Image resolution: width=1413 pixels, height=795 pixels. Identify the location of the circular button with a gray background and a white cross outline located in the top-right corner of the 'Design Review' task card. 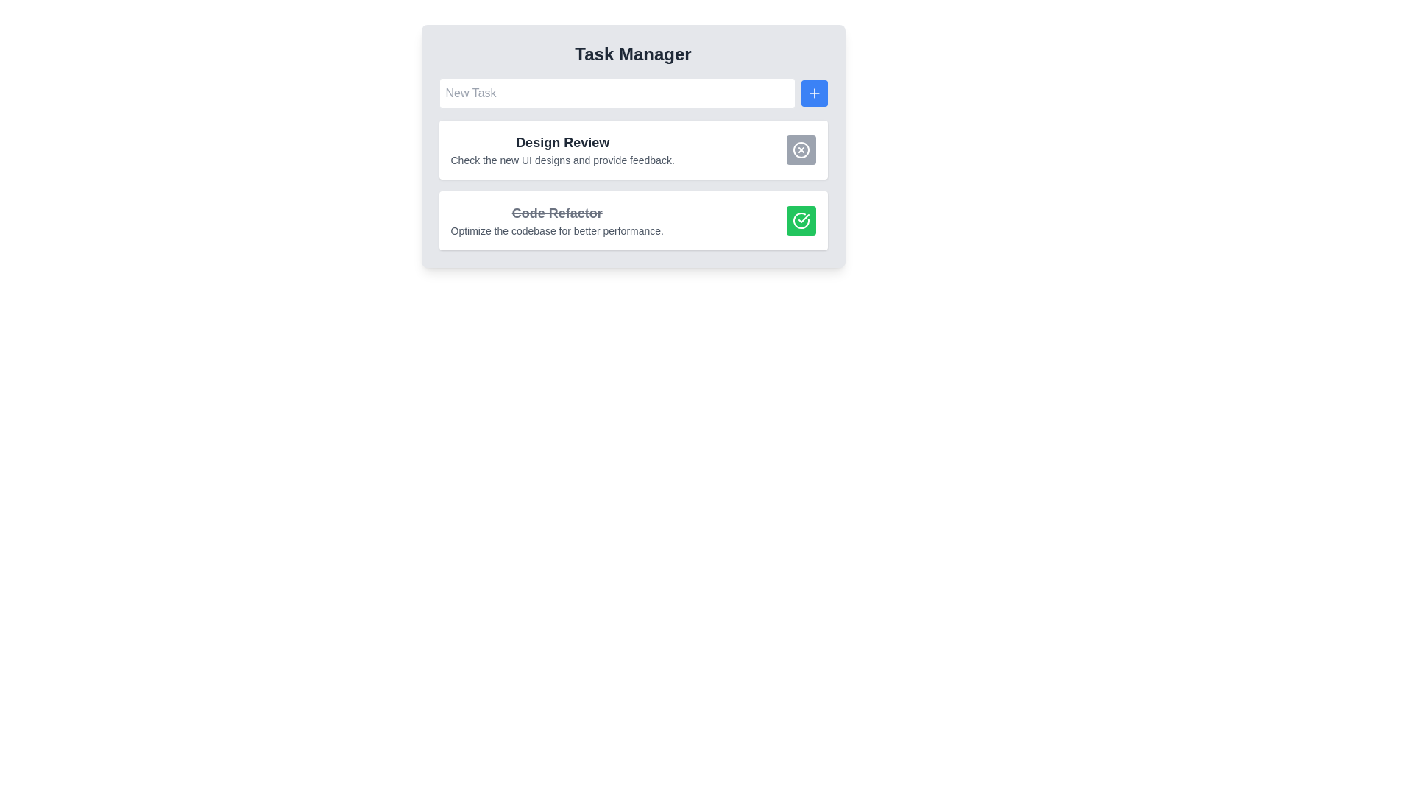
(800, 150).